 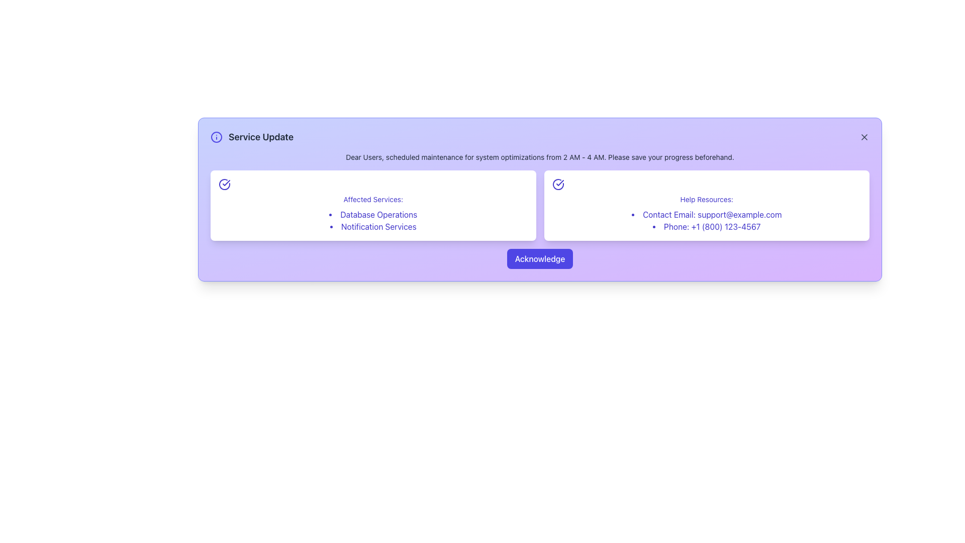 I want to click on the title of the notification panel, which is situated in the upper left region and positioned to the left of the dismissal button ('x'), so click(x=252, y=137).